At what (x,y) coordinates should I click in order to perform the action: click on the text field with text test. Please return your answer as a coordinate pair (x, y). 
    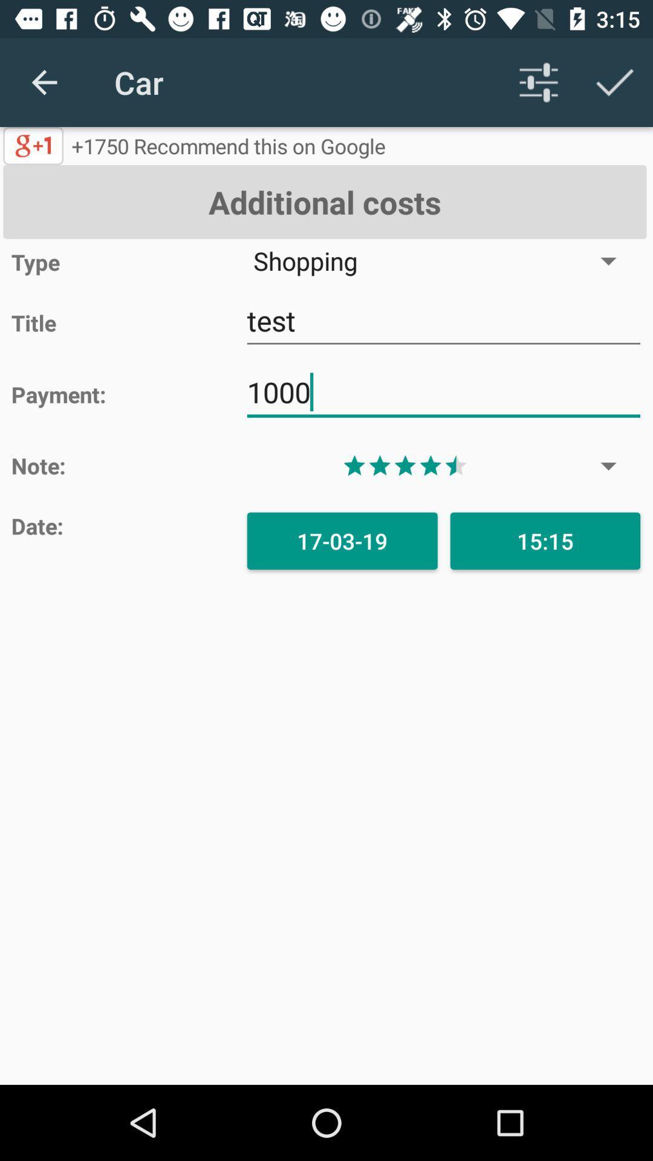
    Looking at the image, I should click on (443, 321).